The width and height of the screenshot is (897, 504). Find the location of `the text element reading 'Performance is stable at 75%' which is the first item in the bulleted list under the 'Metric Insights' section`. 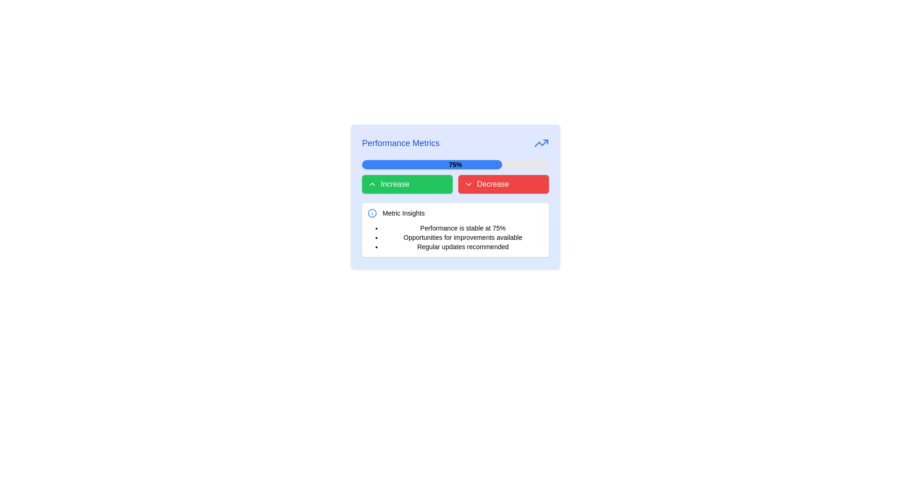

the text element reading 'Performance is stable at 75%' which is the first item in the bulleted list under the 'Metric Insights' section is located at coordinates (463, 228).